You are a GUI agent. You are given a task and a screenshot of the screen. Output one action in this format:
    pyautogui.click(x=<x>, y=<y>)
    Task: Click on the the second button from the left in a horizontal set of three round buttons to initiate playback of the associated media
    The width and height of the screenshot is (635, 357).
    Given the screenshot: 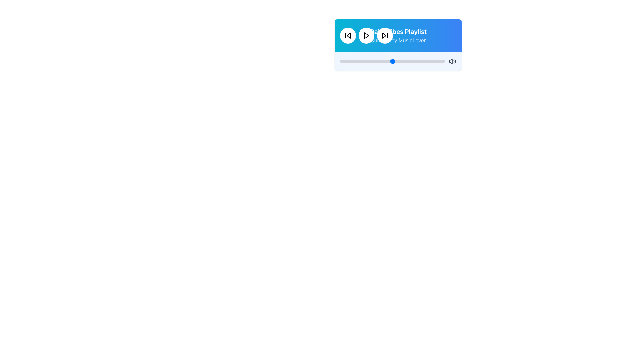 What is the action you would take?
    pyautogui.click(x=366, y=36)
    